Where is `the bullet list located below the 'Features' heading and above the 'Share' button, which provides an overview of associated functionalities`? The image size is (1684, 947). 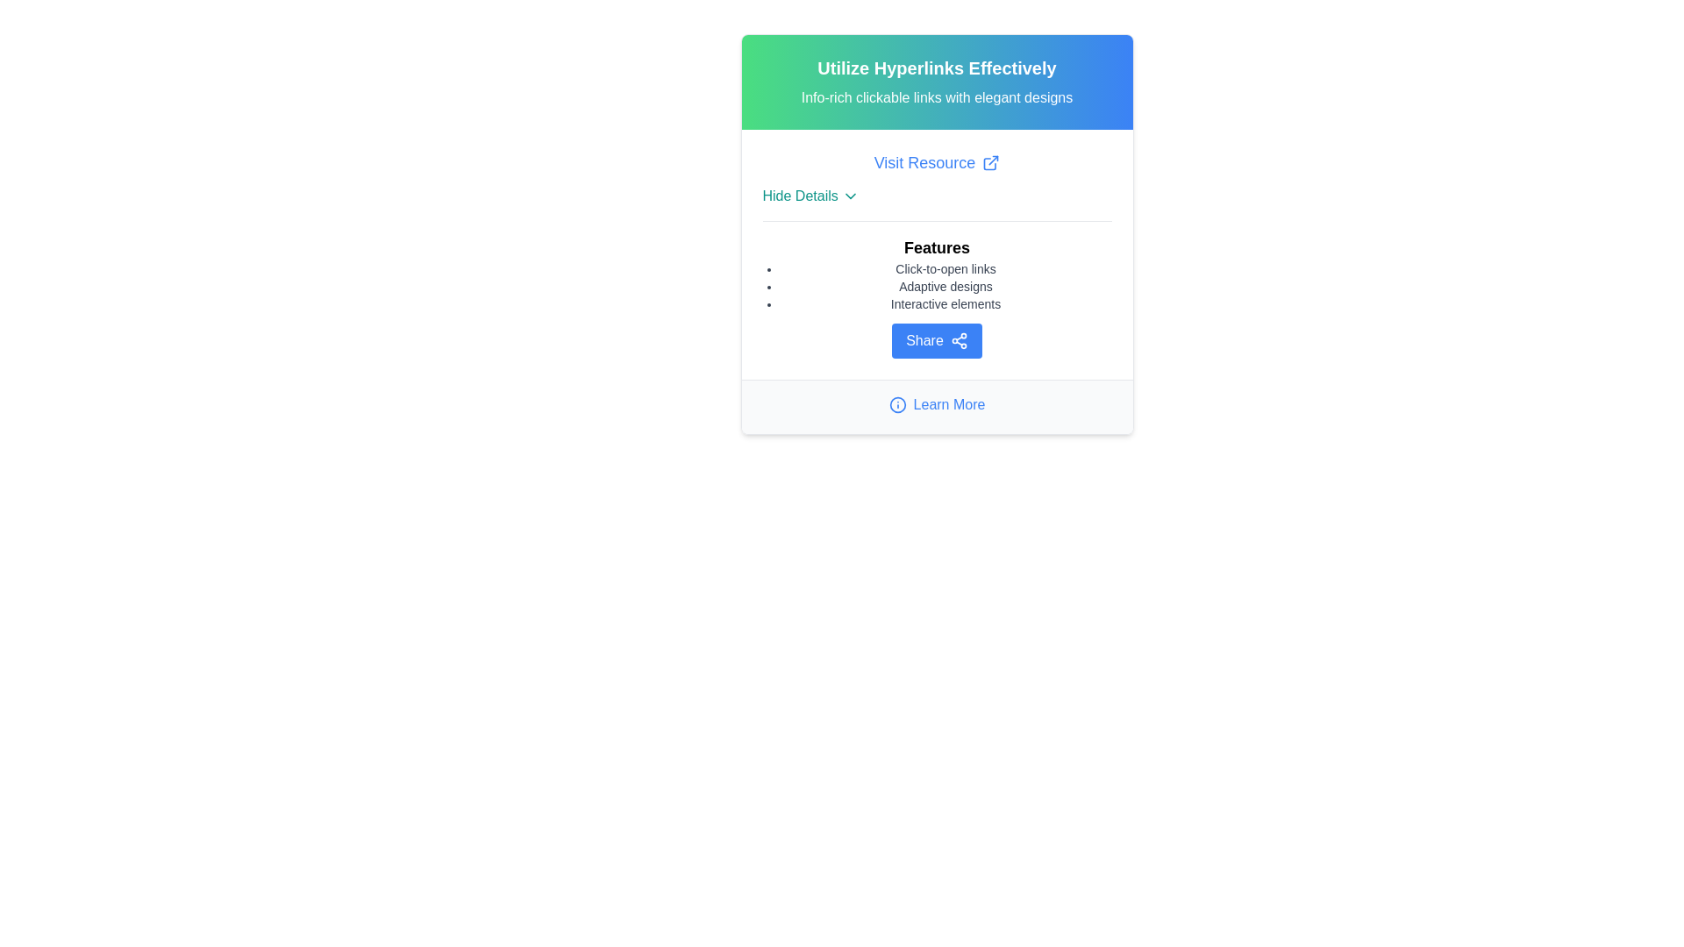 the bullet list located below the 'Features' heading and above the 'Share' button, which provides an overview of associated functionalities is located at coordinates (945, 286).